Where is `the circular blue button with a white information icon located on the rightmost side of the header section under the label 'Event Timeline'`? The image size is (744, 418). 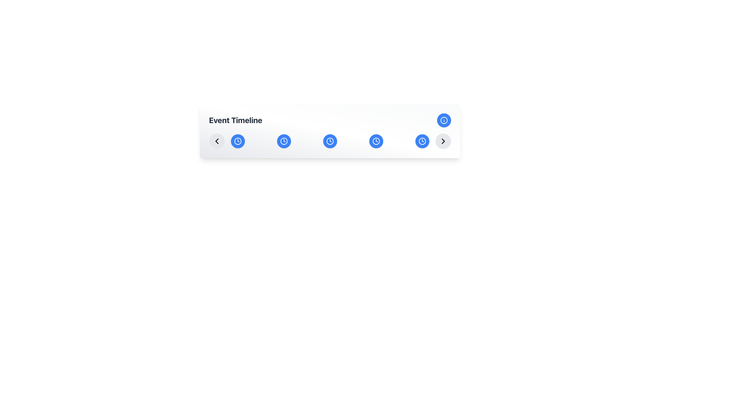 the circular blue button with a white information icon located on the rightmost side of the header section under the label 'Event Timeline' is located at coordinates (444, 120).